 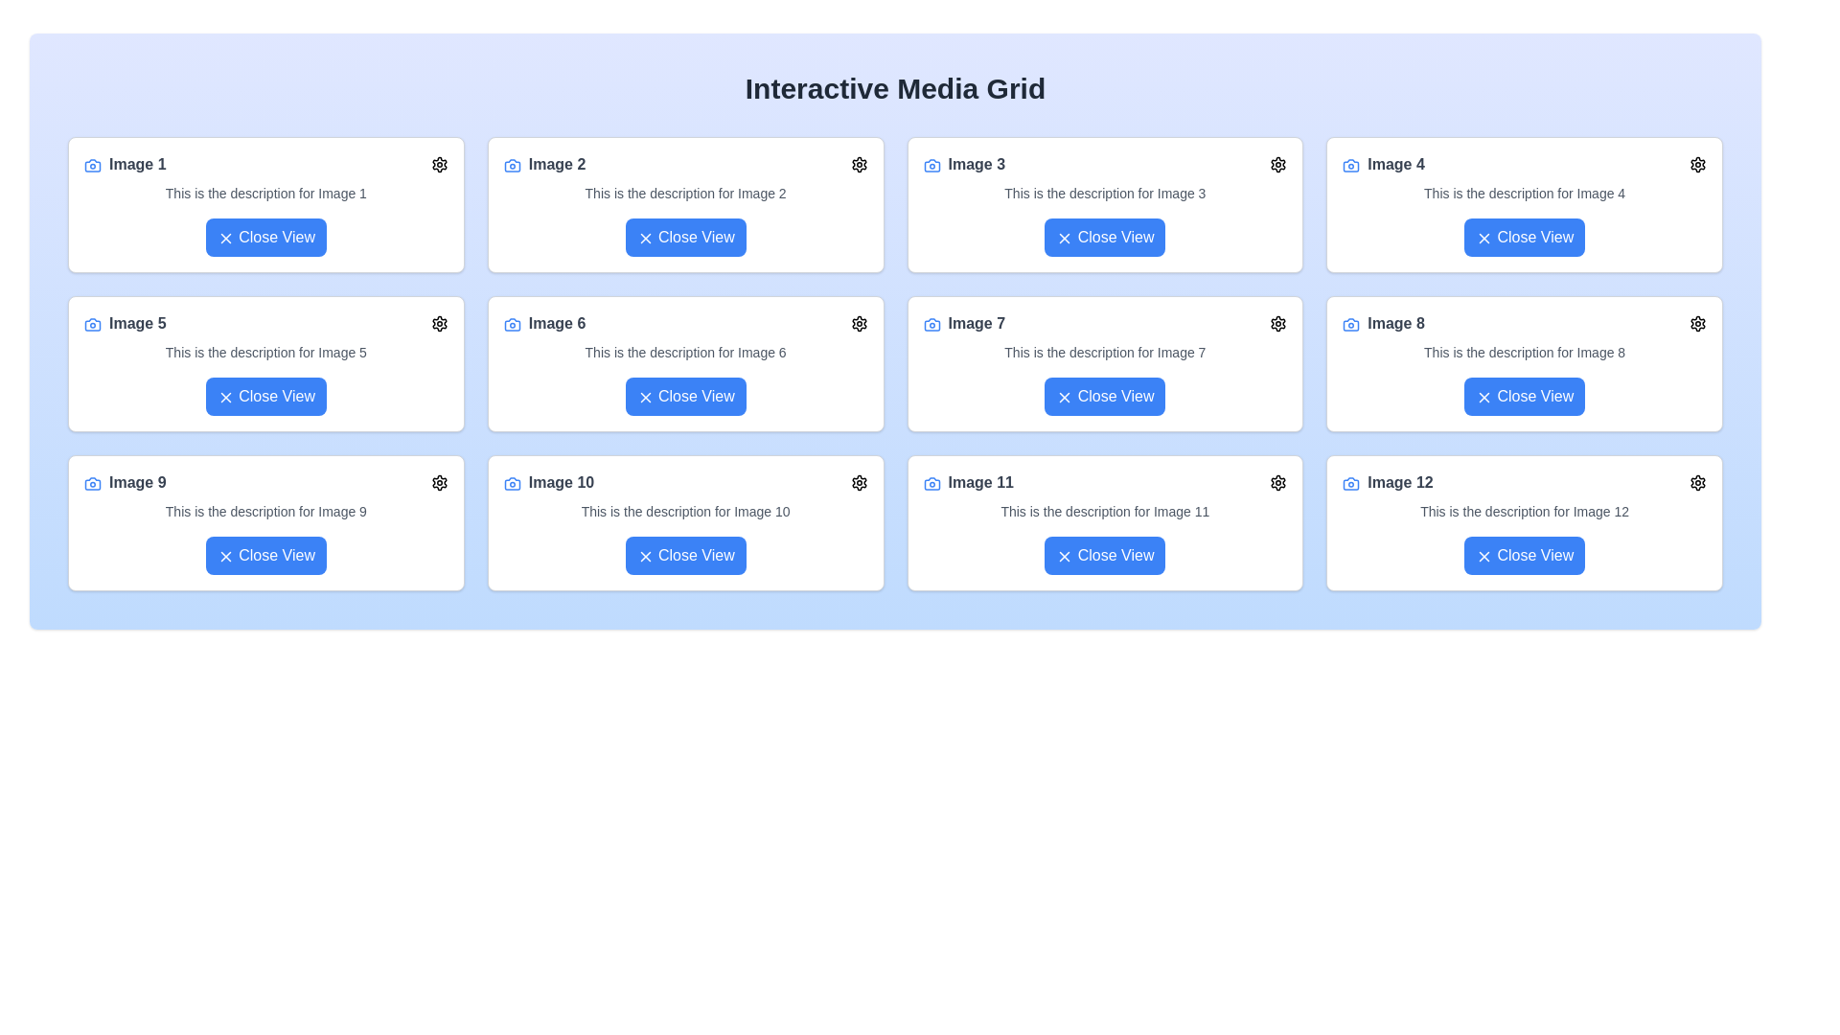 I want to click on the 'Interactive Media Grid' title, so click(x=894, y=88).